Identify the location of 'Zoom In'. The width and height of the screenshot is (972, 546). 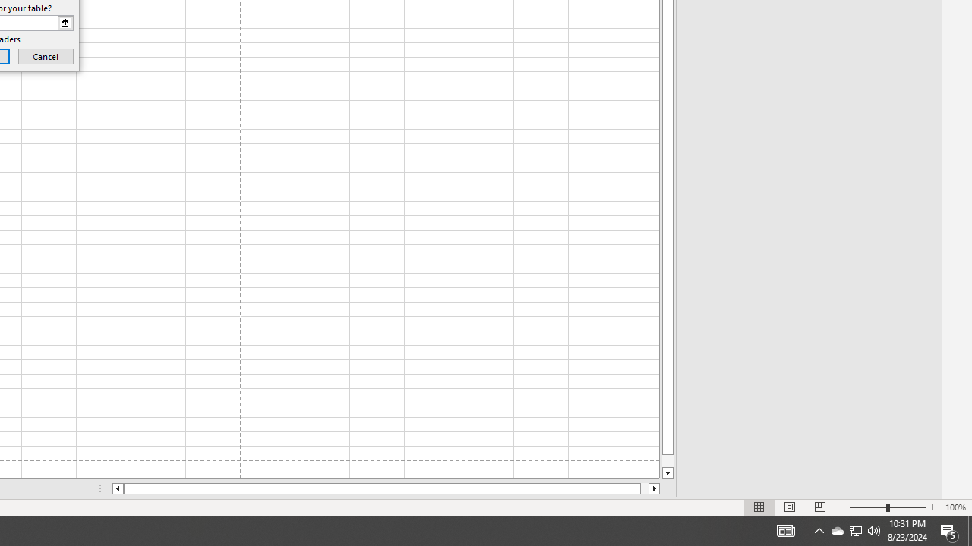
(931, 507).